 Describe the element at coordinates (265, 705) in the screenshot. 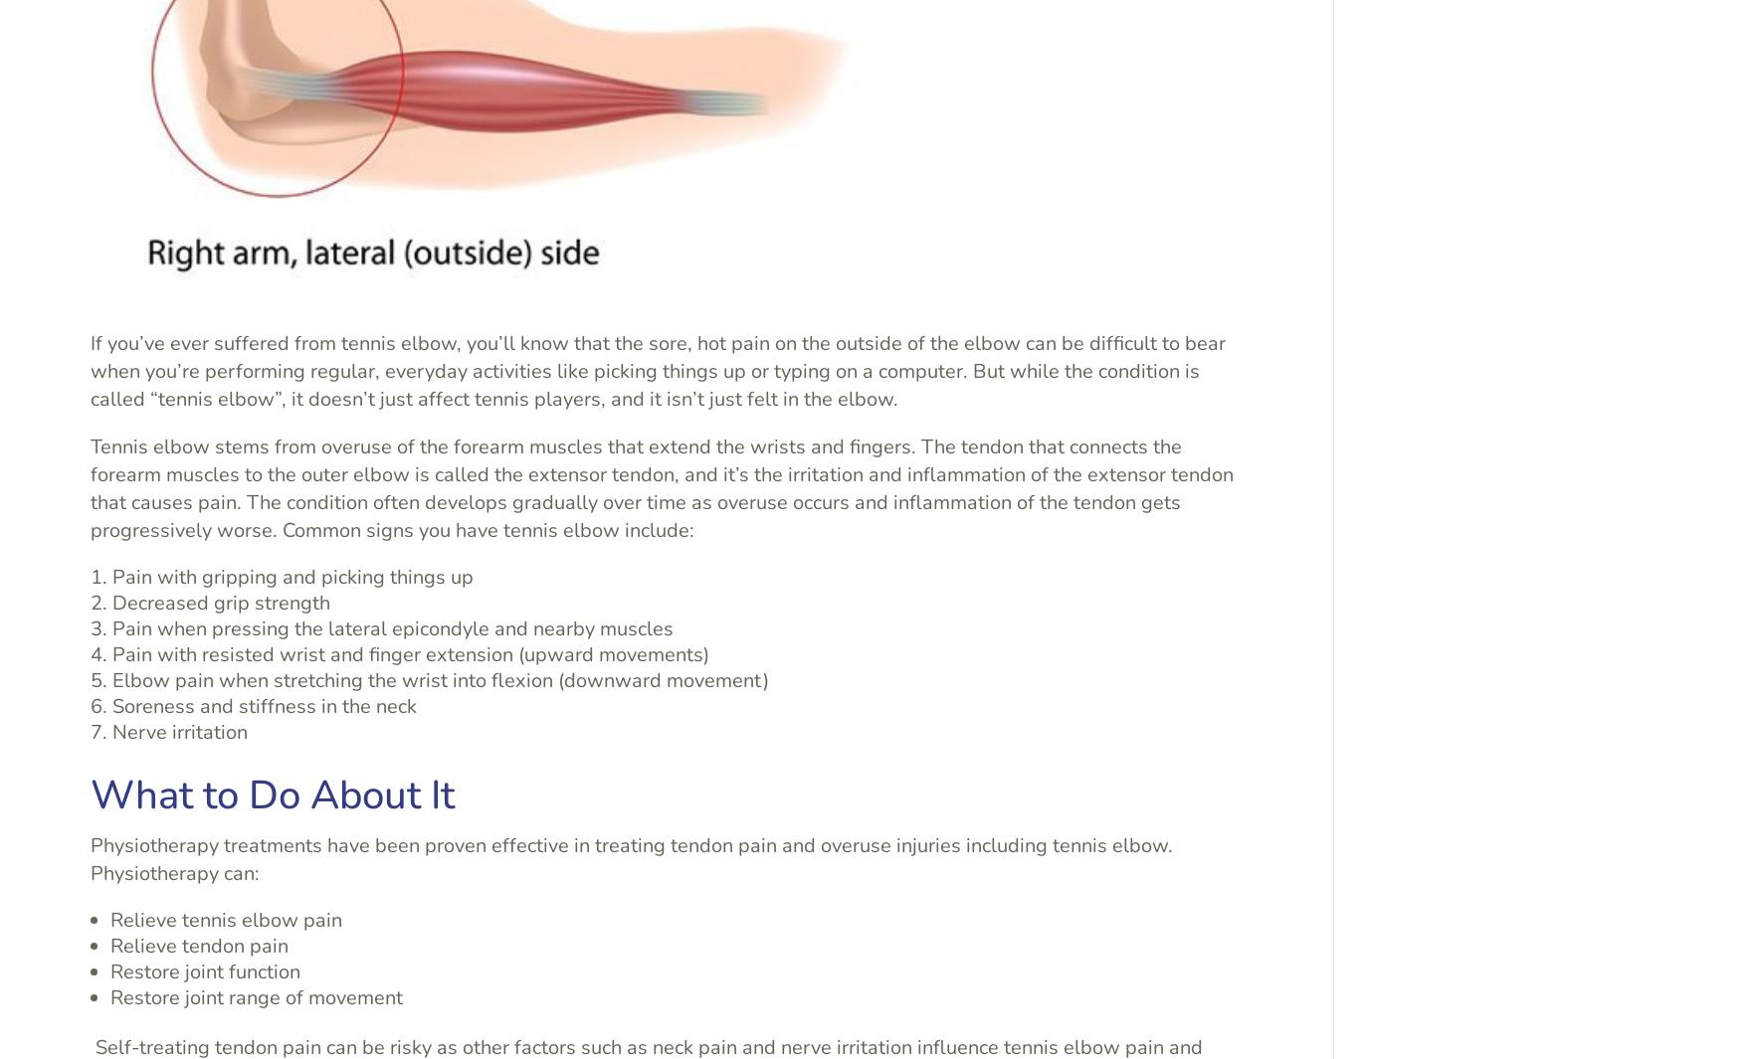

I see `'Soreness and stiffness in the neck'` at that location.